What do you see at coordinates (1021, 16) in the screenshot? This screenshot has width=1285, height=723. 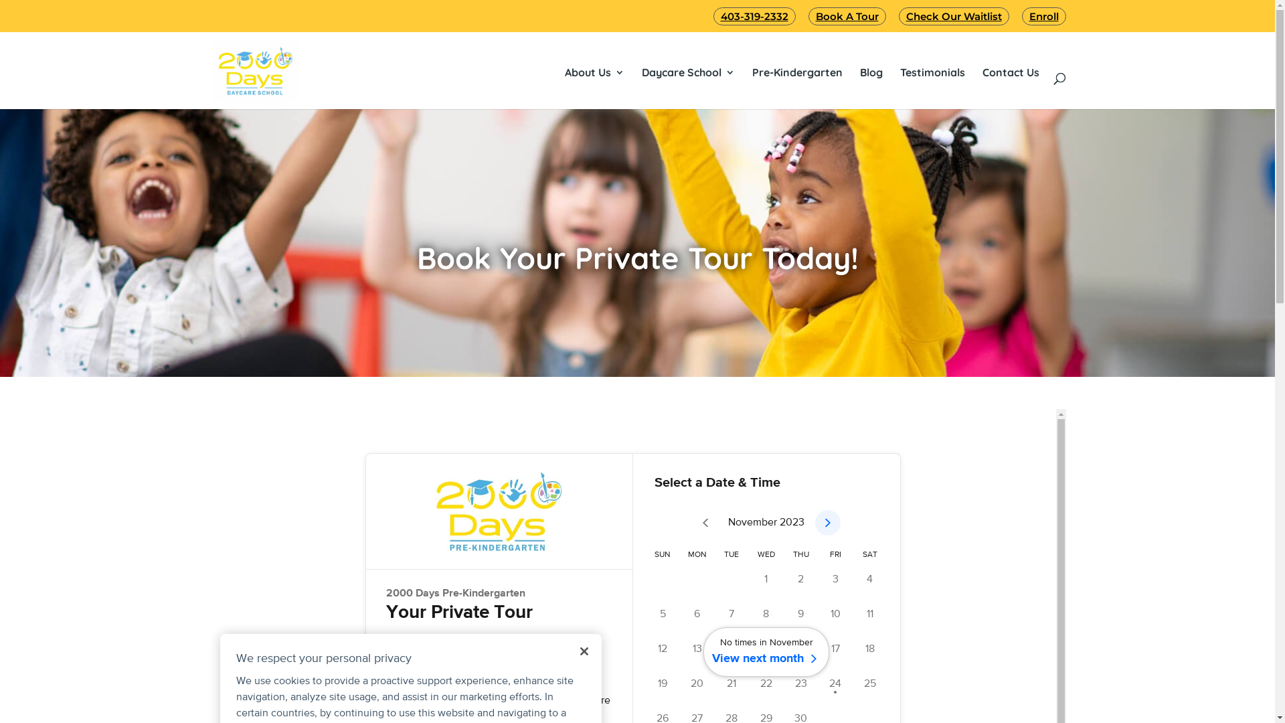 I see `'Enroll'` at bounding box center [1021, 16].